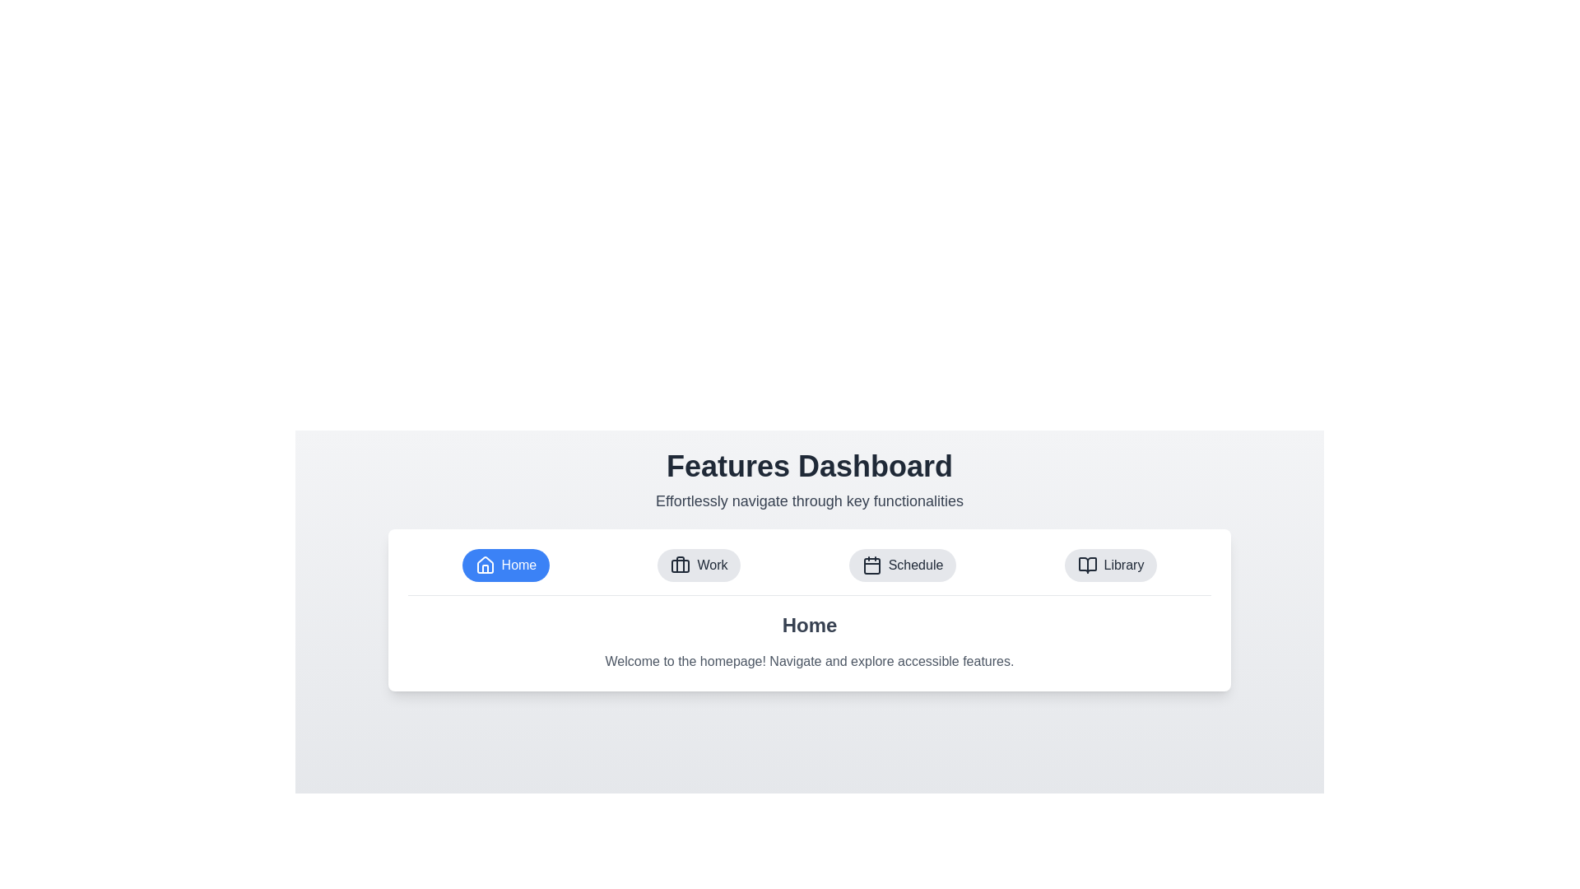  I want to click on the Library tab to switch to it, so click(1110, 564).